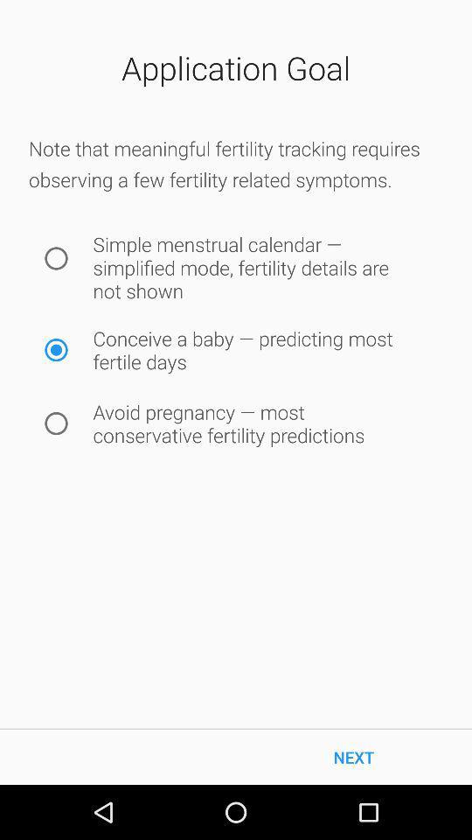 The width and height of the screenshot is (472, 840). Describe the element at coordinates (56, 423) in the screenshot. I see `icon next to avoid pregnancy most icon` at that location.